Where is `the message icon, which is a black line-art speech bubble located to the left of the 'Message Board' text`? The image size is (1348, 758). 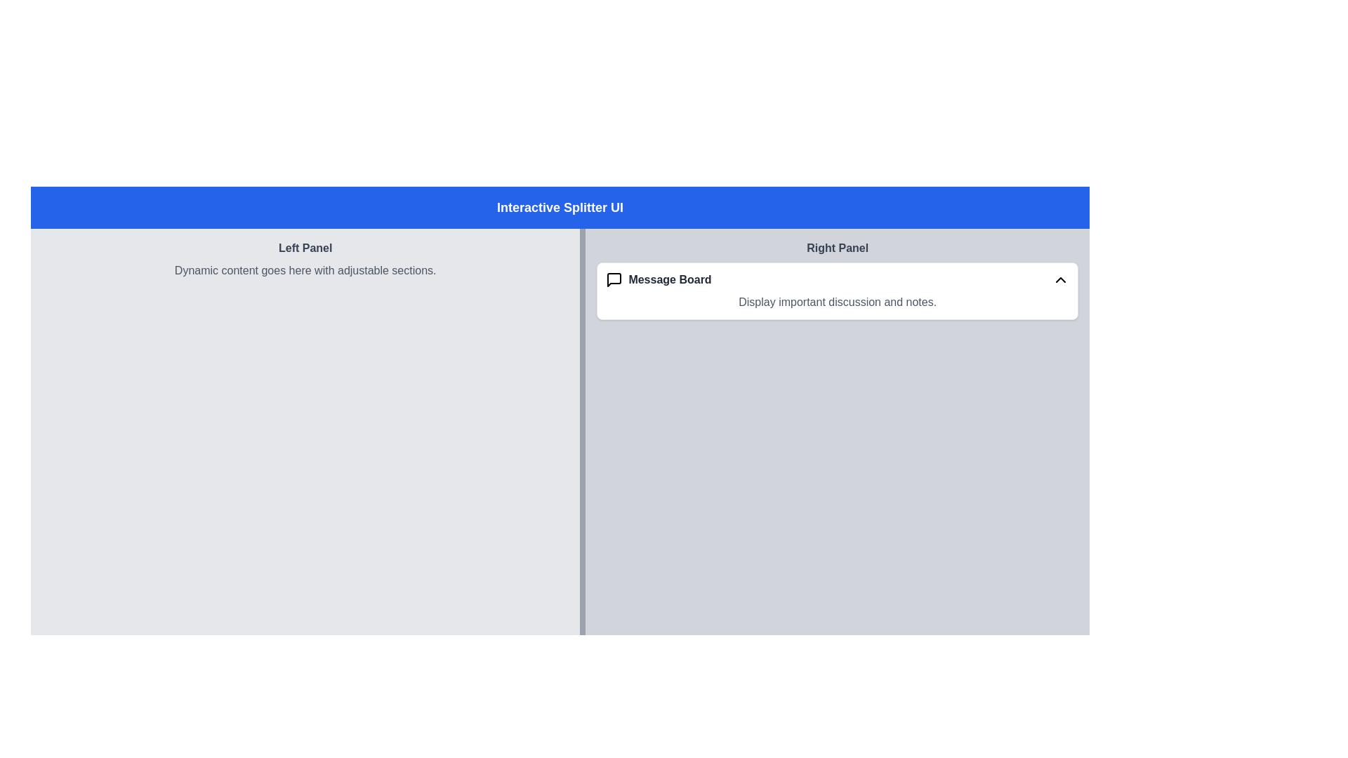
the message icon, which is a black line-art speech bubble located to the left of the 'Message Board' text is located at coordinates (614, 279).